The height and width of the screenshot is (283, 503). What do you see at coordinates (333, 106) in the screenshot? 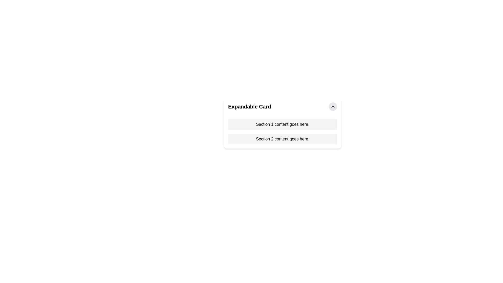
I see `the upward-pointing chevron icon within the circular button` at bounding box center [333, 106].